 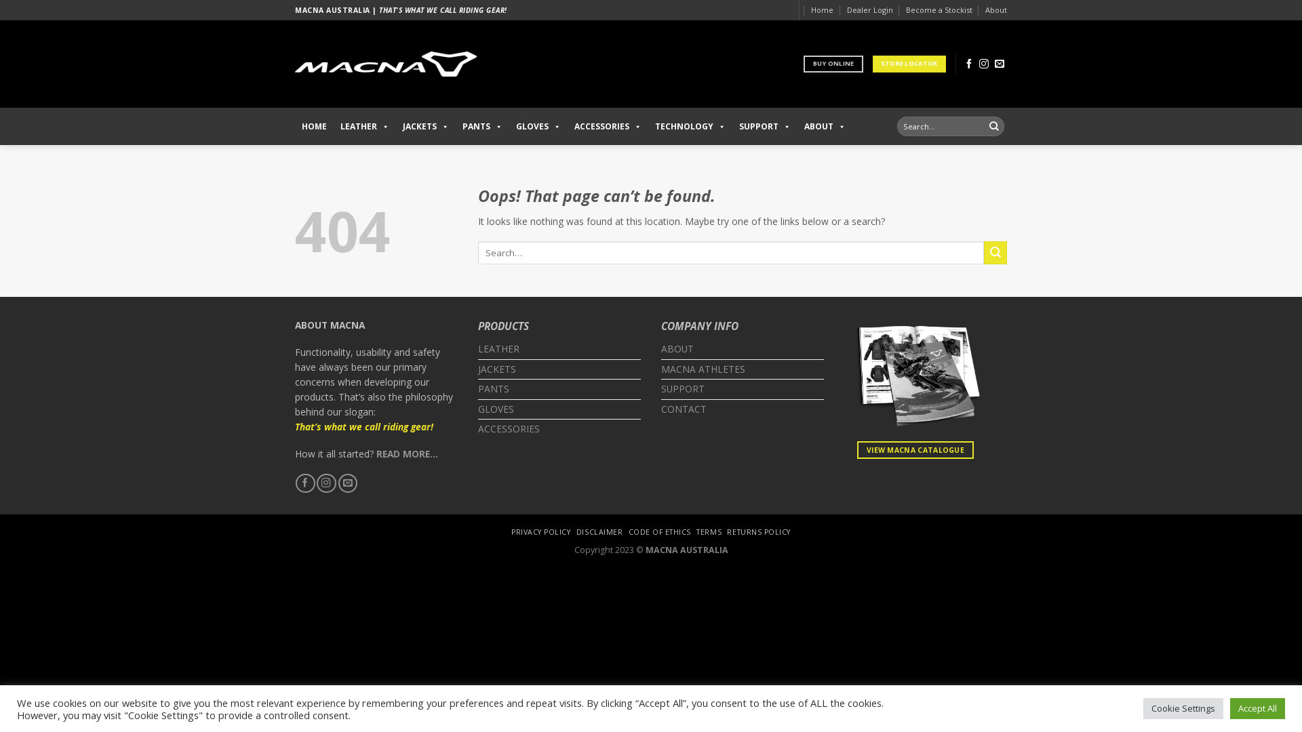 I want to click on 'DISCLAIMER', so click(x=598, y=531).